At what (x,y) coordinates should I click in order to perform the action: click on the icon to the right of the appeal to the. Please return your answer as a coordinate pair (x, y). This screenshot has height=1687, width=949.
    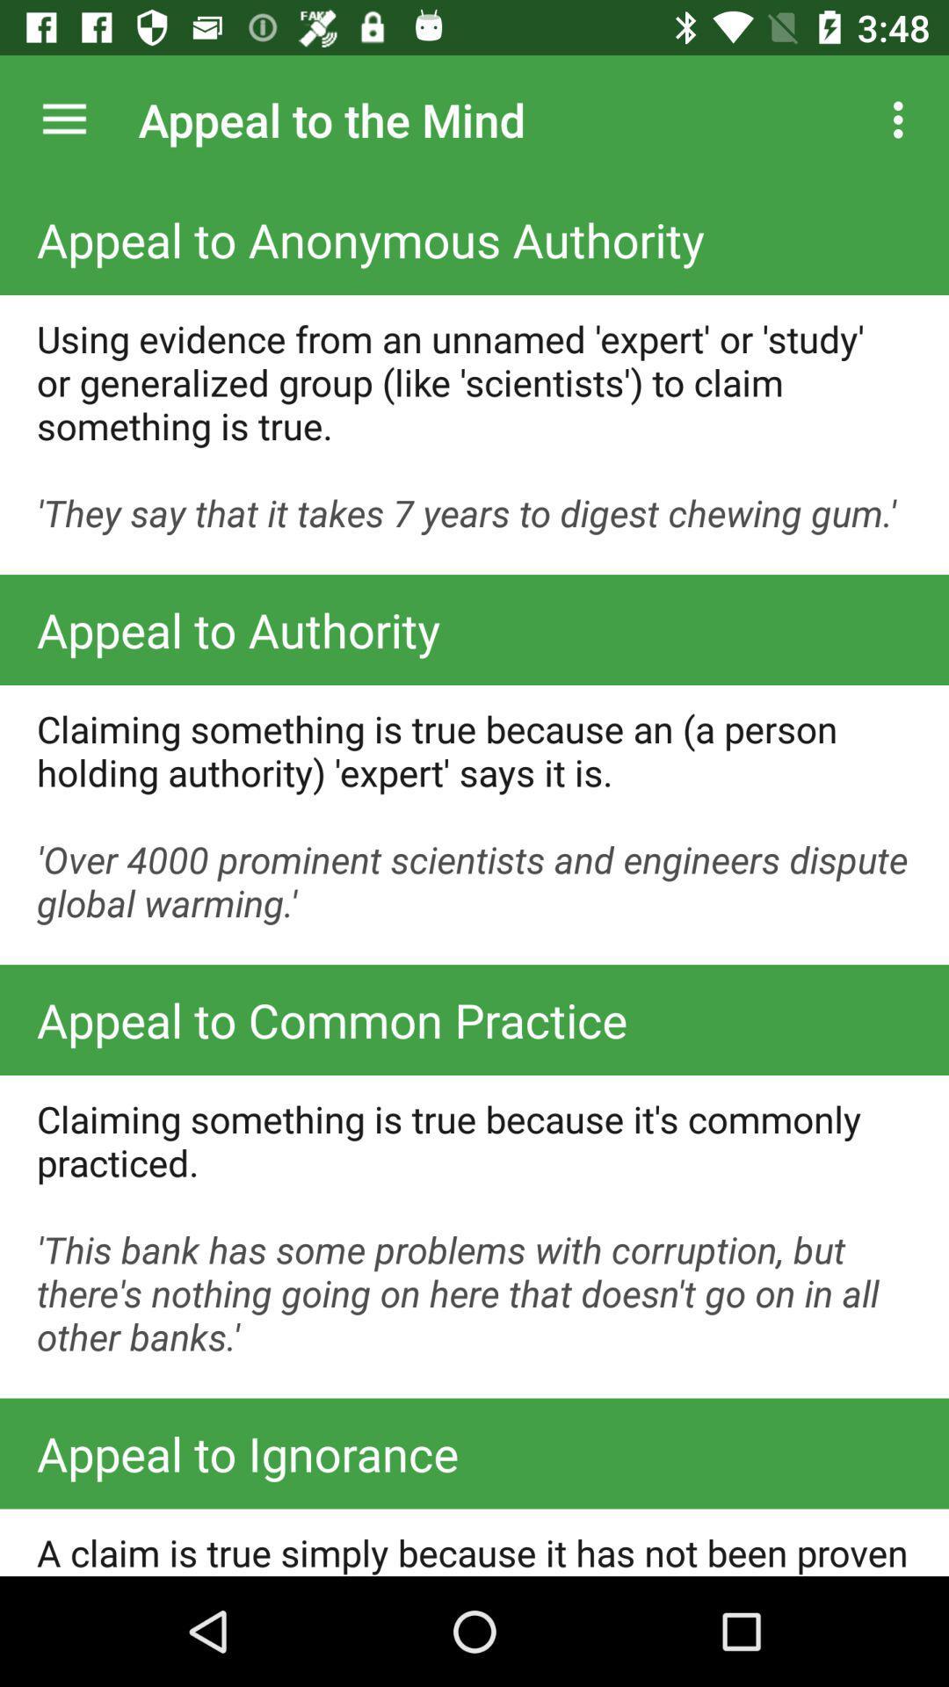
    Looking at the image, I should click on (902, 119).